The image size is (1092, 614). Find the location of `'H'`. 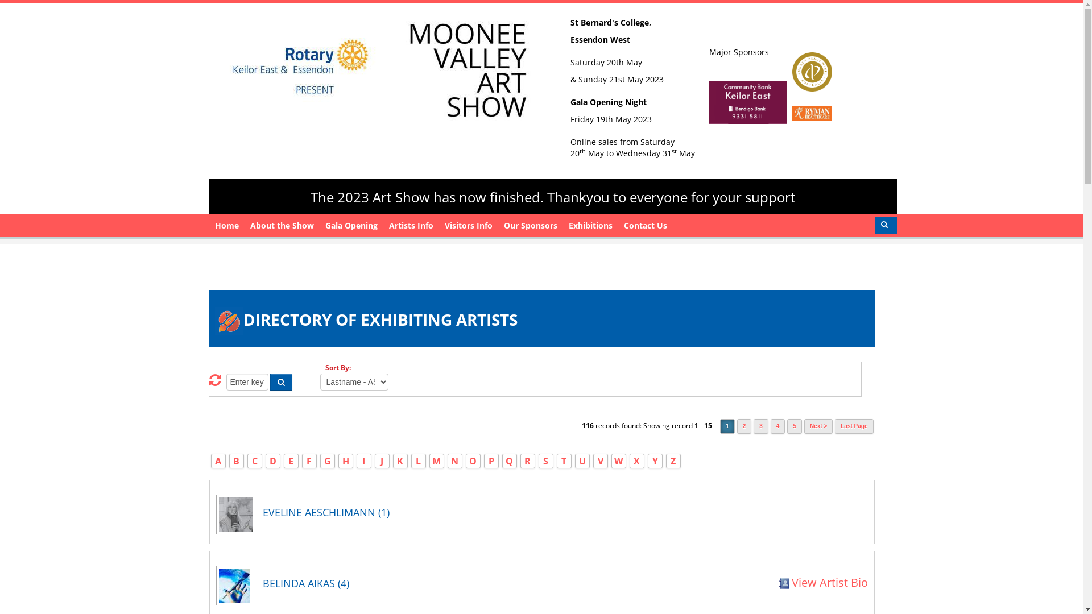

'H' is located at coordinates (345, 460).